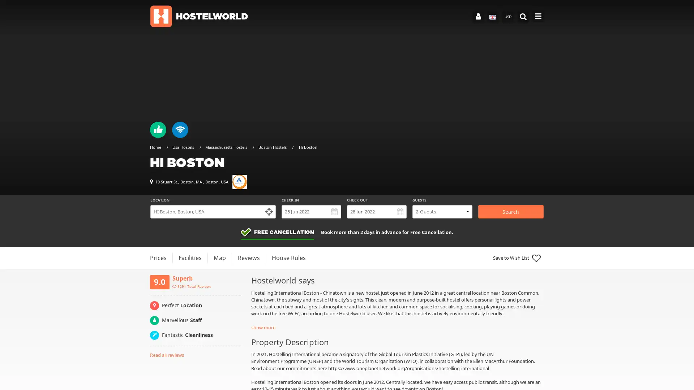 This screenshot has height=390, width=694. What do you see at coordinates (510, 211) in the screenshot?
I see `Search` at bounding box center [510, 211].